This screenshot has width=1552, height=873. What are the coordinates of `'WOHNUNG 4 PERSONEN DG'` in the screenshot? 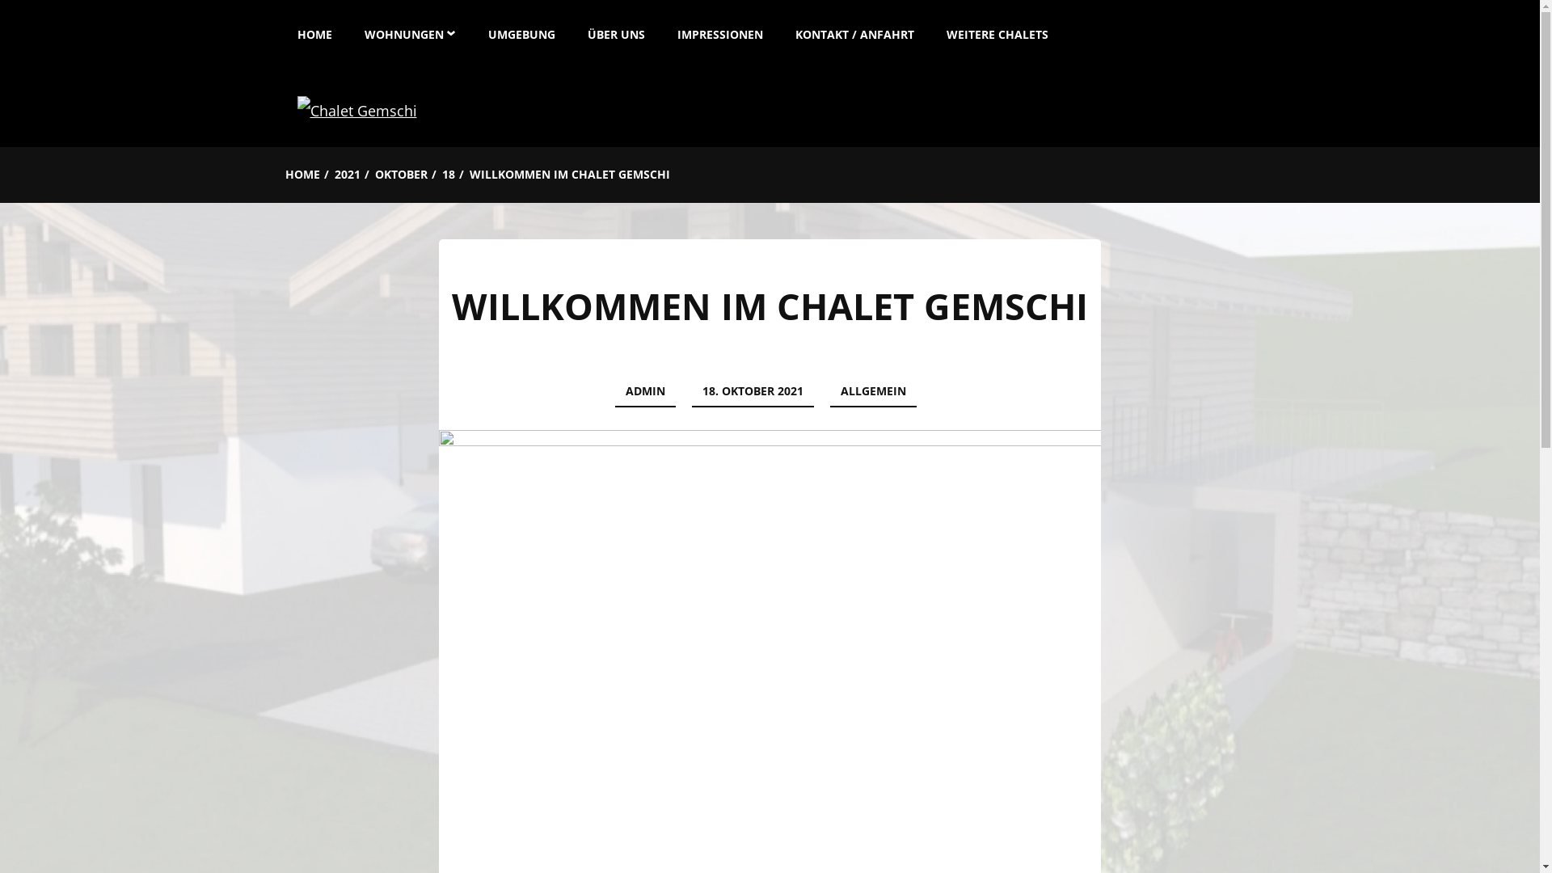 It's located at (436, 176).